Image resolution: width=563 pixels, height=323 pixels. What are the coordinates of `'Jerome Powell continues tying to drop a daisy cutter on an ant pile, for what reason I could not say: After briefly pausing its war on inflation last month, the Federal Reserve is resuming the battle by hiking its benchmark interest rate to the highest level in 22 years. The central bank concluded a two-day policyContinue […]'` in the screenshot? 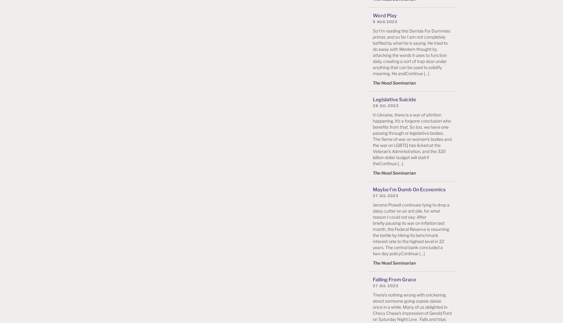 It's located at (411, 229).